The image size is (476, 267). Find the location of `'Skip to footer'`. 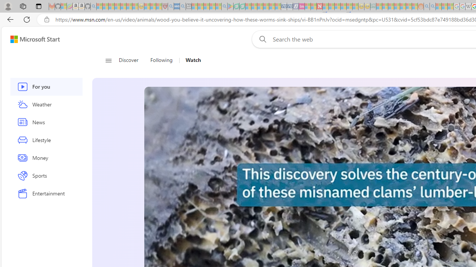

'Skip to footer' is located at coordinates (30, 39).